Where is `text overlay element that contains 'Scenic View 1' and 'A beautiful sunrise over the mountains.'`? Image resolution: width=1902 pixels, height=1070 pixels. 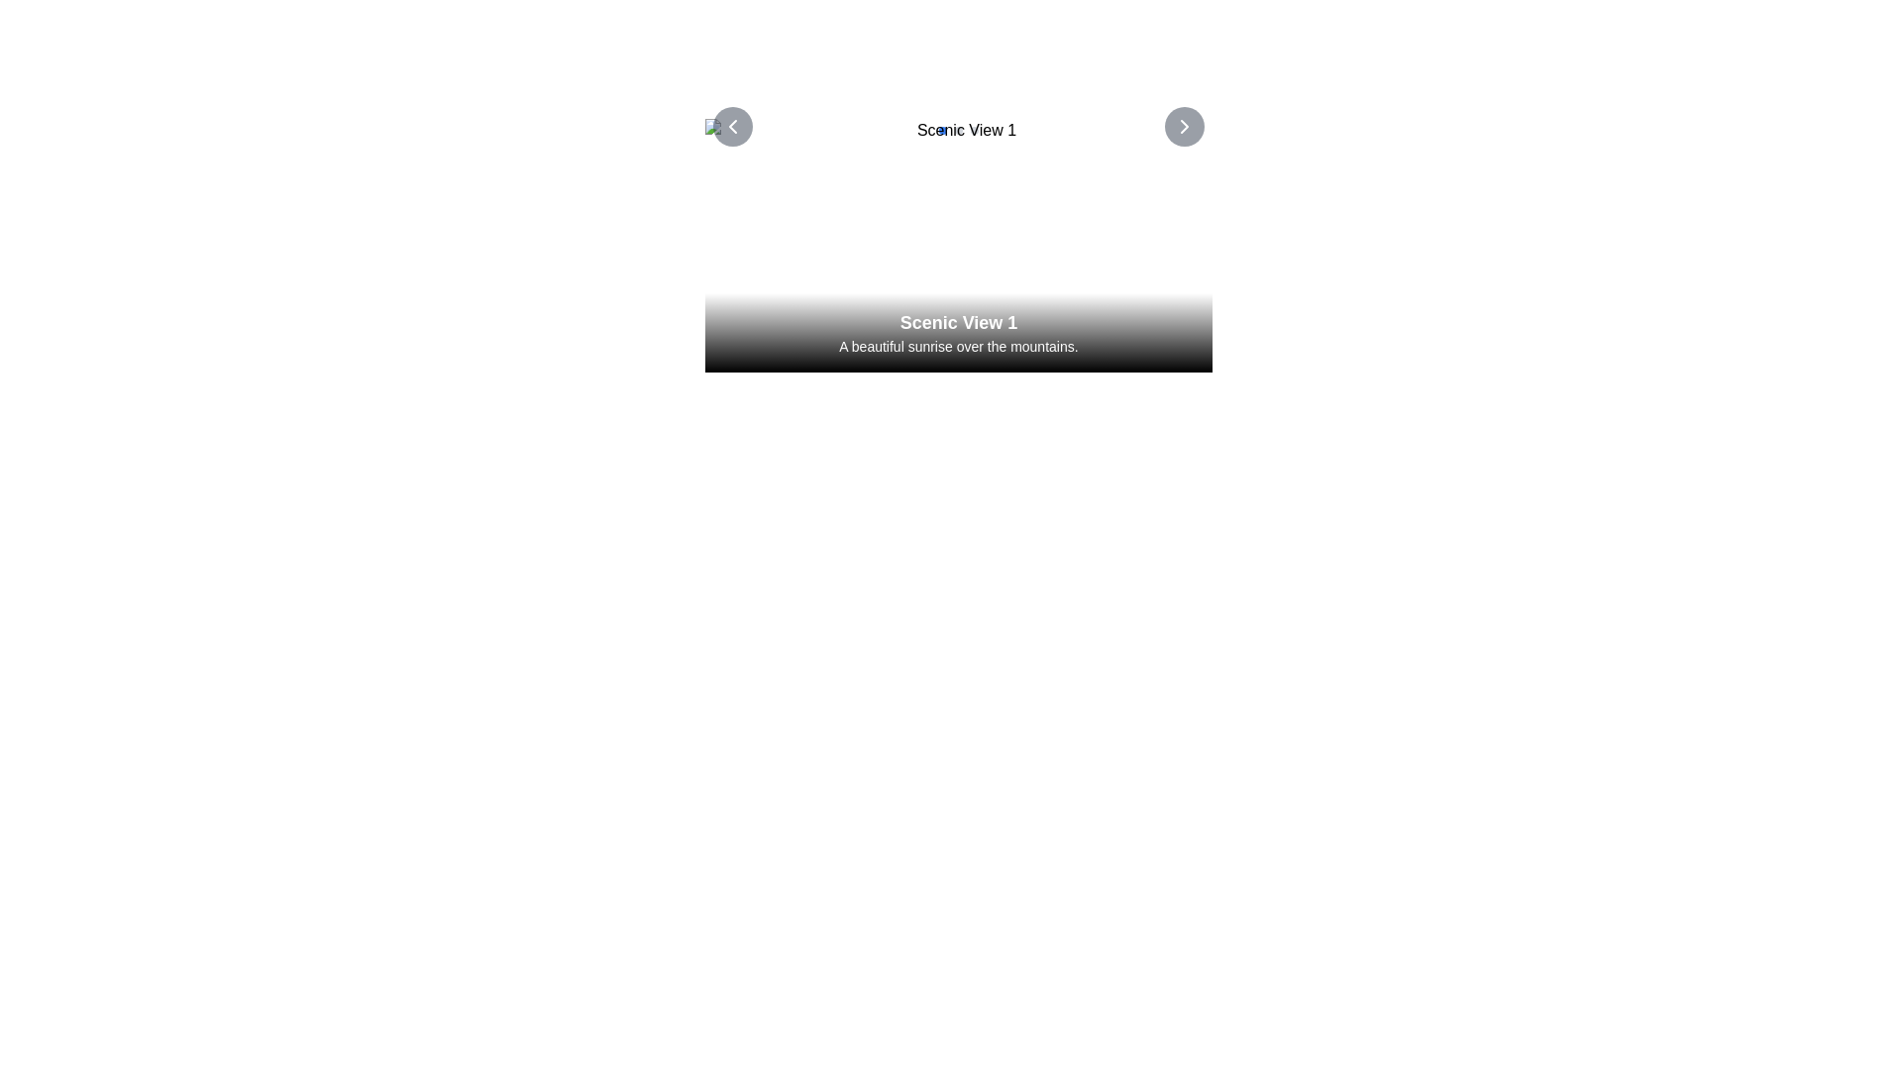 text overlay element that contains 'Scenic View 1' and 'A beautiful sunrise over the mountains.' is located at coordinates (959, 331).